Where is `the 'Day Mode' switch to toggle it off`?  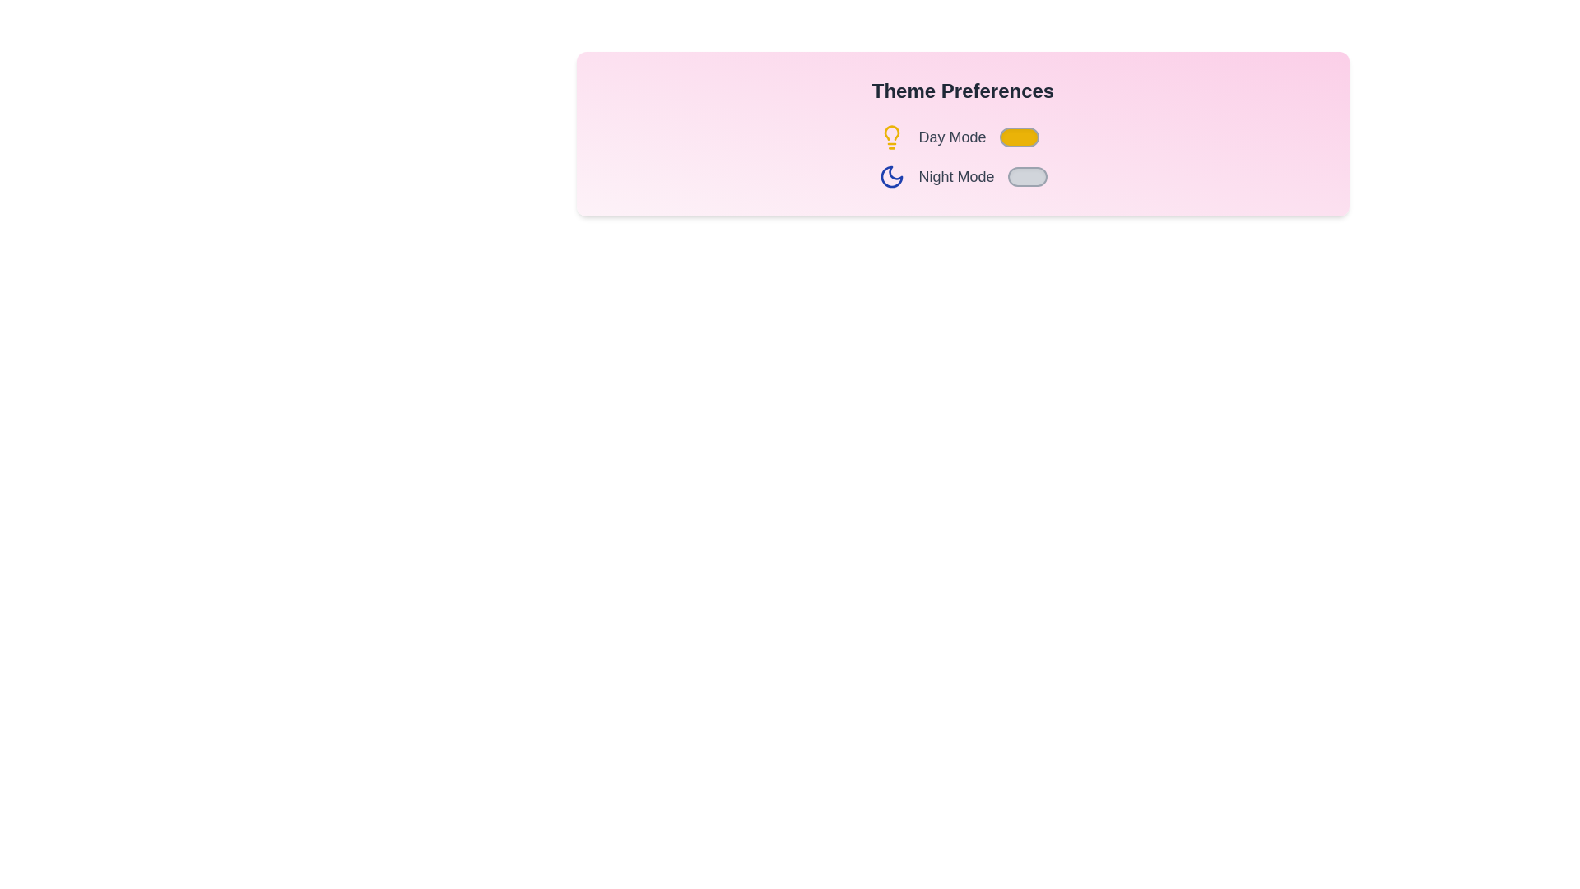
the 'Day Mode' switch to toggle it off is located at coordinates (1018, 136).